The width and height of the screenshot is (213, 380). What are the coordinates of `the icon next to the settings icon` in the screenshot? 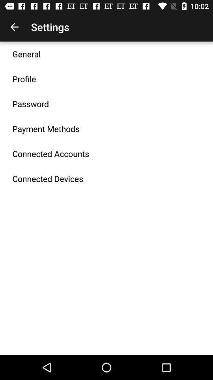 It's located at (14, 27).